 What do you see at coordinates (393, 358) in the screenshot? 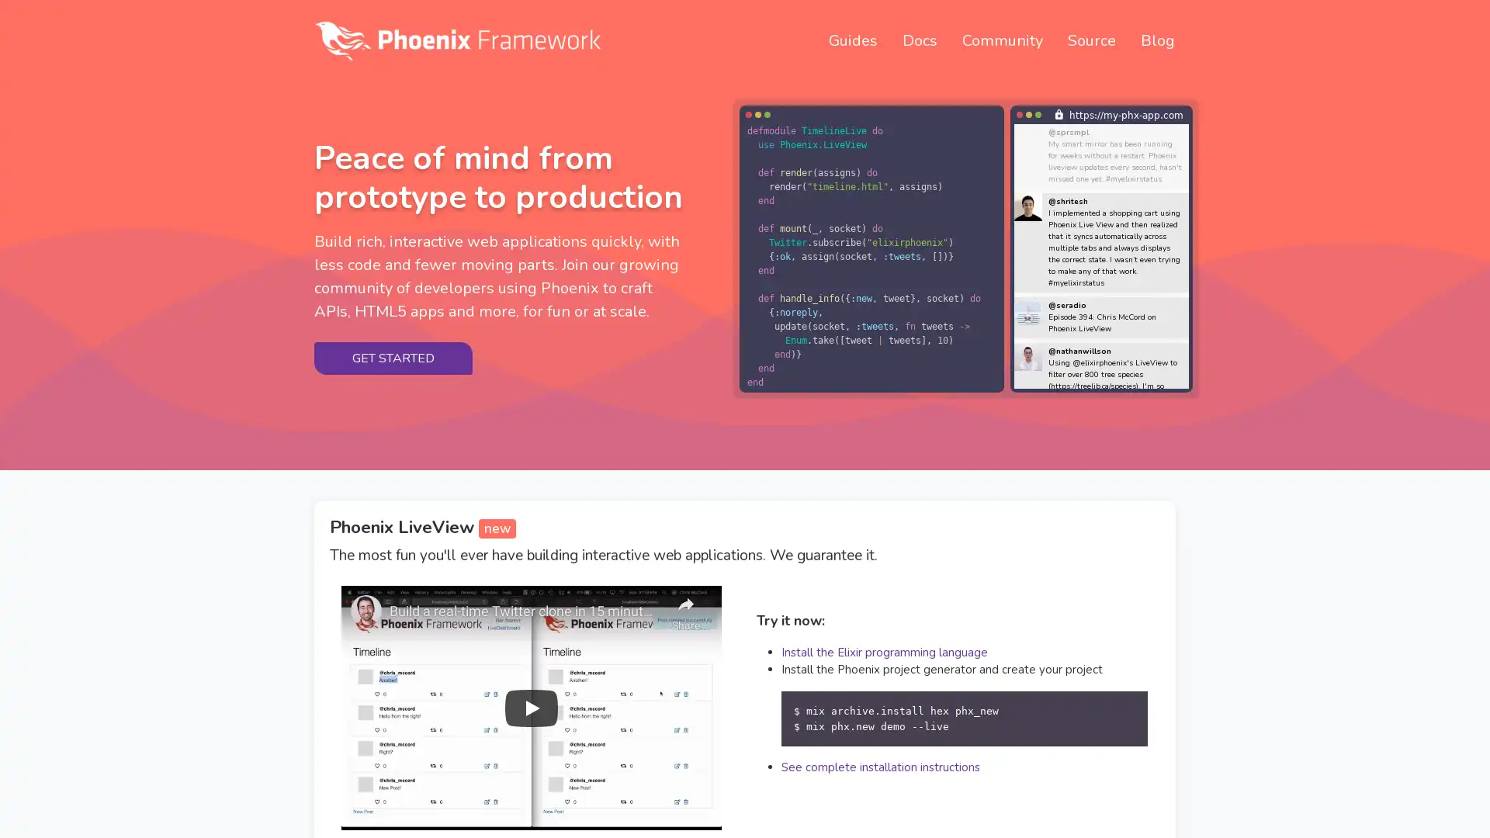
I see `GET STARTED` at bounding box center [393, 358].